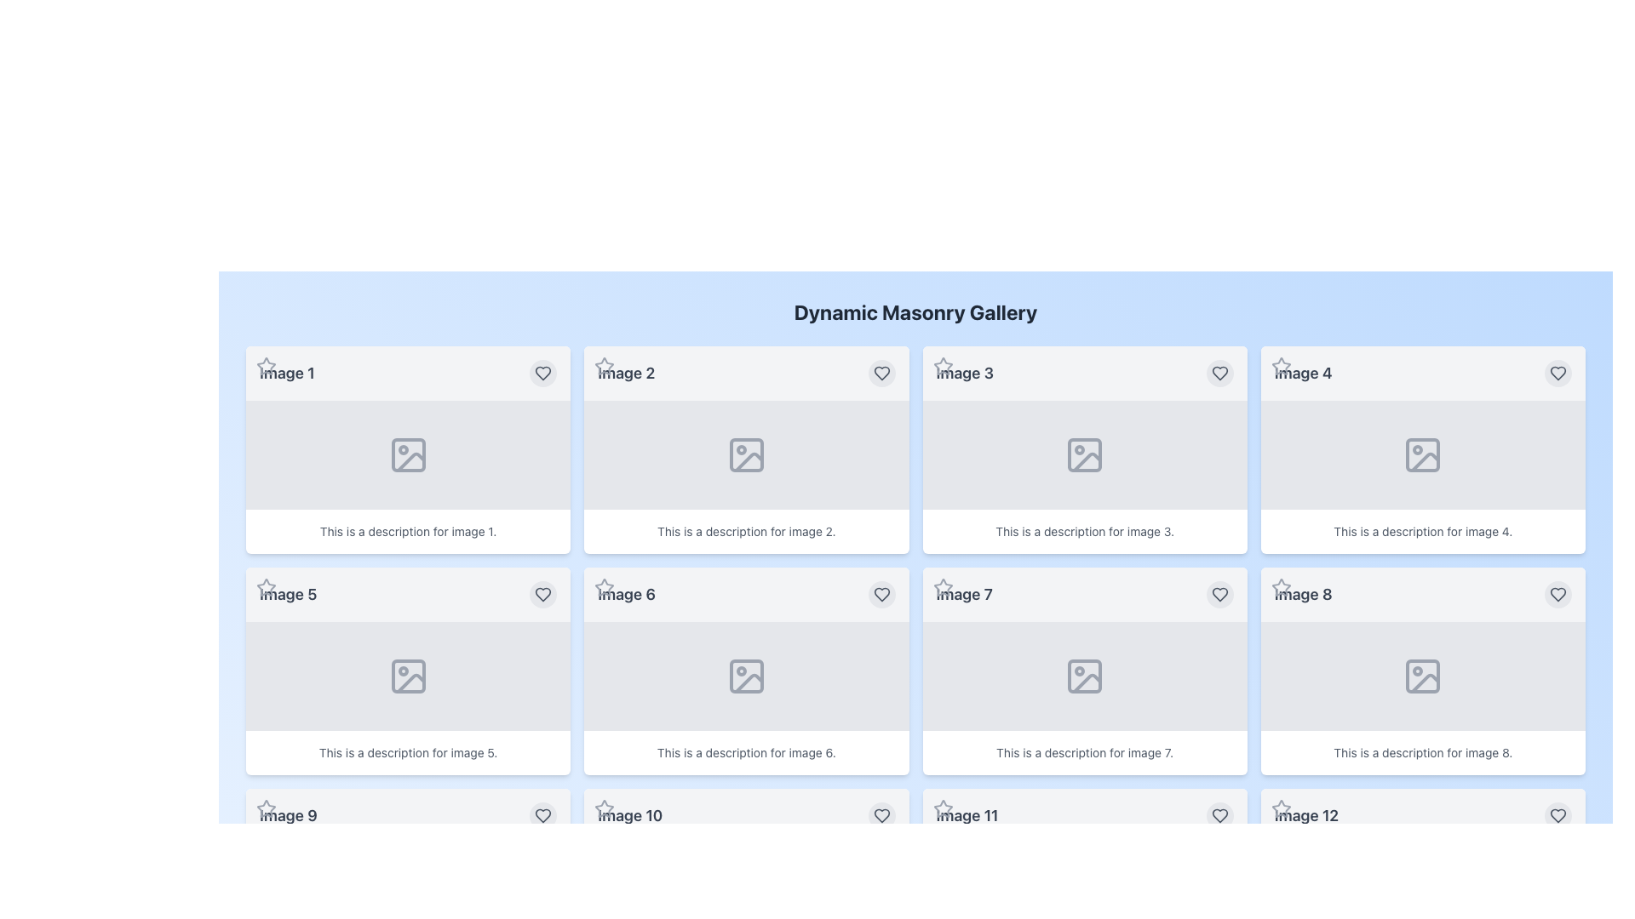  I want to click on text content of the title label for 'Image 8', which is located at the top-left corner of the fourth card in the second row of the gallery, so click(1302, 593).